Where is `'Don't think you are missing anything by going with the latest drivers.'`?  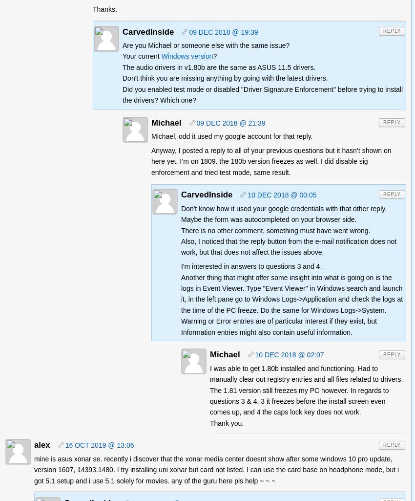
'Don't think you are missing anything by going with the latest drivers.' is located at coordinates (225, 78).